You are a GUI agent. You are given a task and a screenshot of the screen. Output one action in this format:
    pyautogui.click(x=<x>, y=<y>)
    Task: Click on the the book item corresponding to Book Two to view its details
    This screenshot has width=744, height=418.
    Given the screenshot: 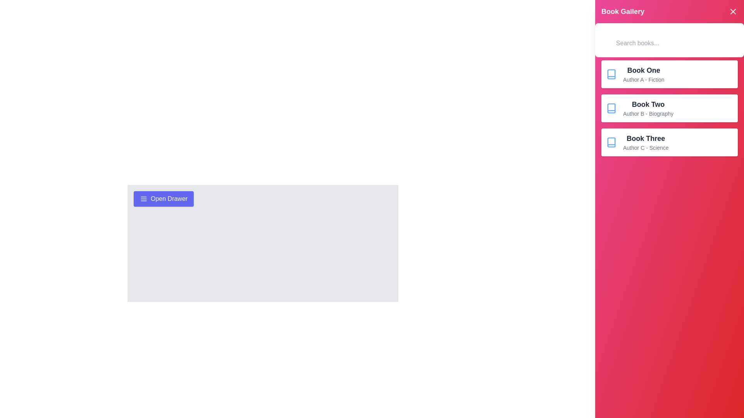 What is the action you would take?
    pyautogui.click(x=669, y=108)
    